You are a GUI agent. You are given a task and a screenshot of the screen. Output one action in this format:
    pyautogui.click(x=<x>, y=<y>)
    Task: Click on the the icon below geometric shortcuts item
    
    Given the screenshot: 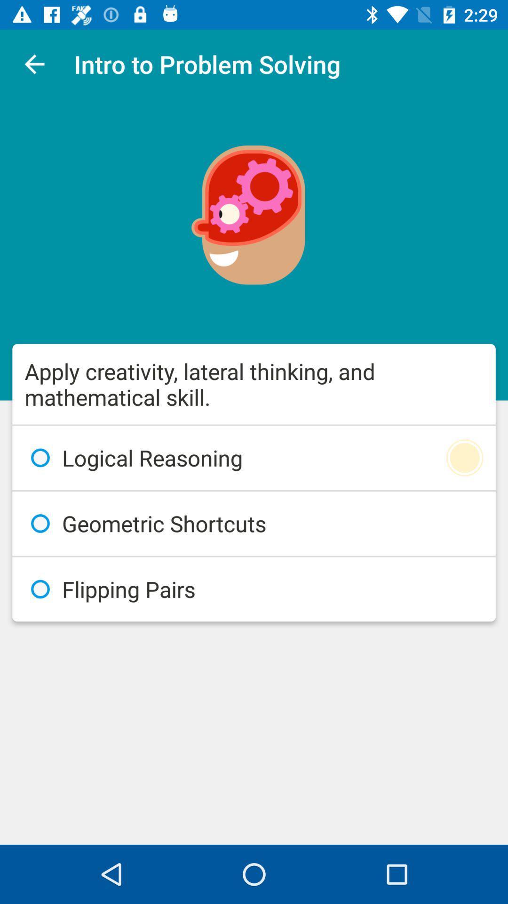 What is the action you would take?
    pyautogui.click(x=254, y=589)
    